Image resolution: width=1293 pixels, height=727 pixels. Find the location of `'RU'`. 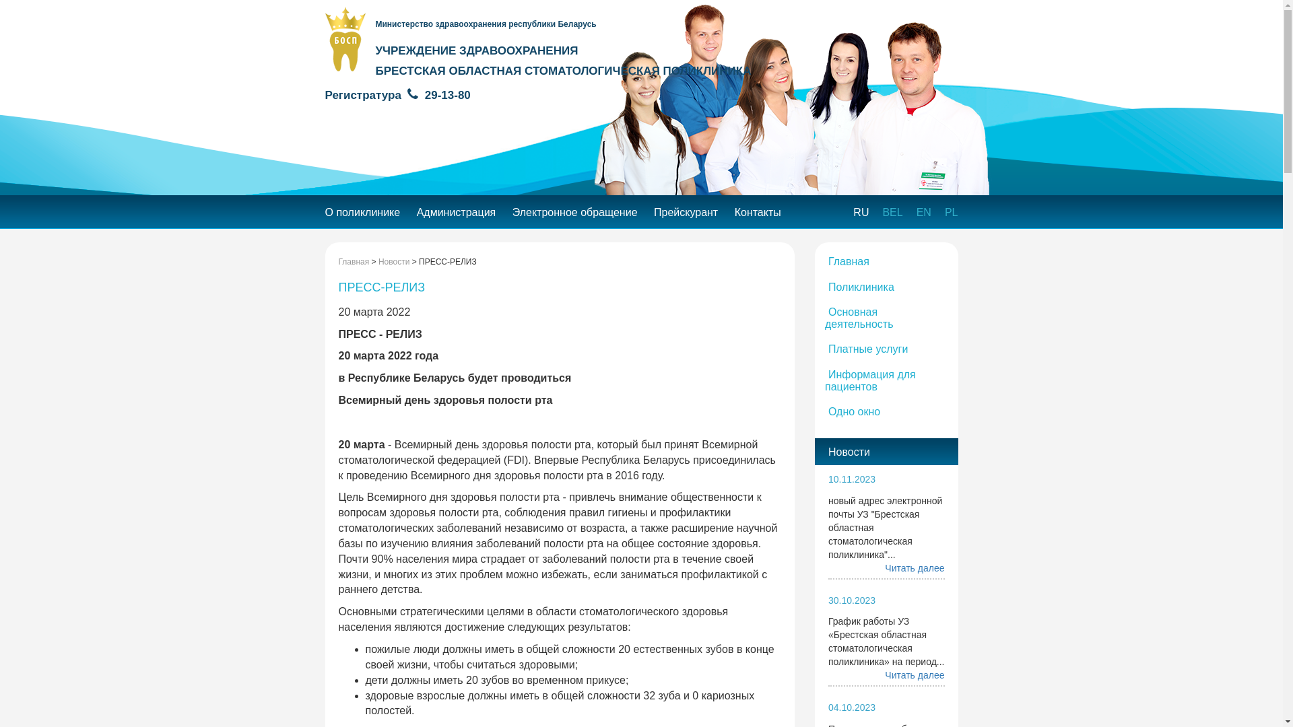

'RU' is located at coordinates (860, 212).